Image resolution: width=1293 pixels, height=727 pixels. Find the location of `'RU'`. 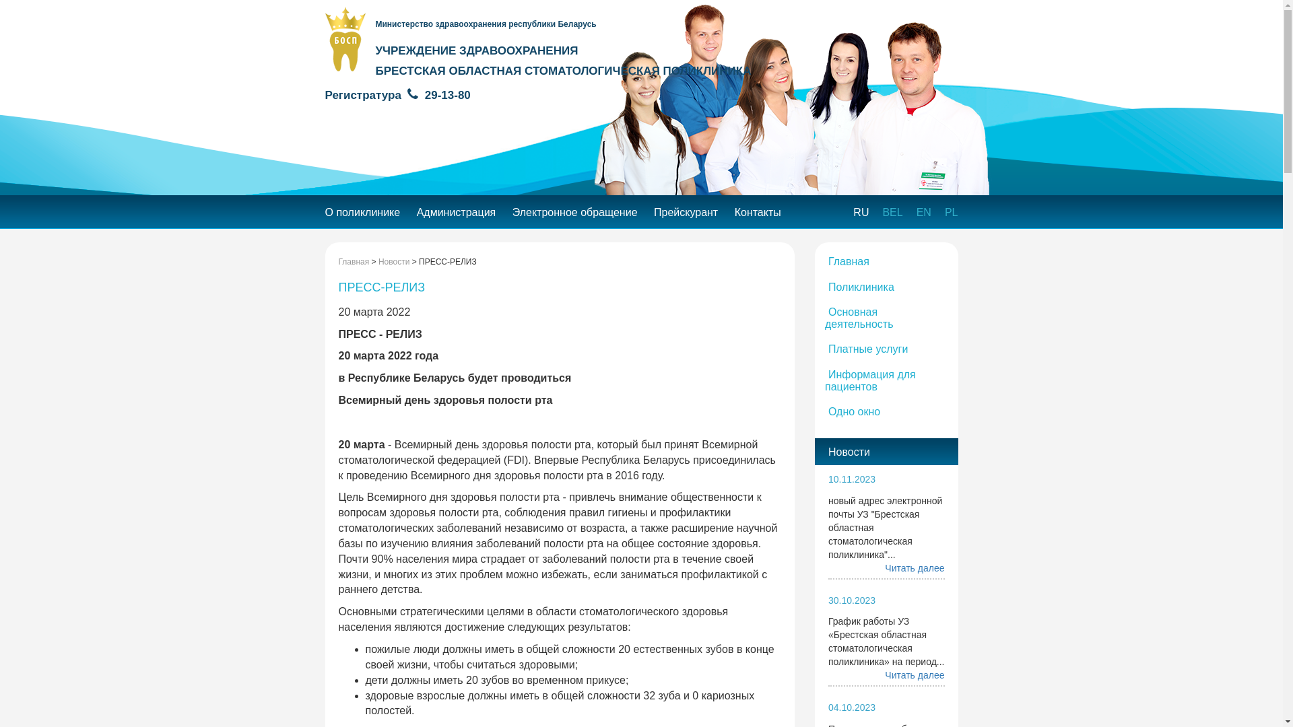

'RU' is located at coordinates (860, 212).